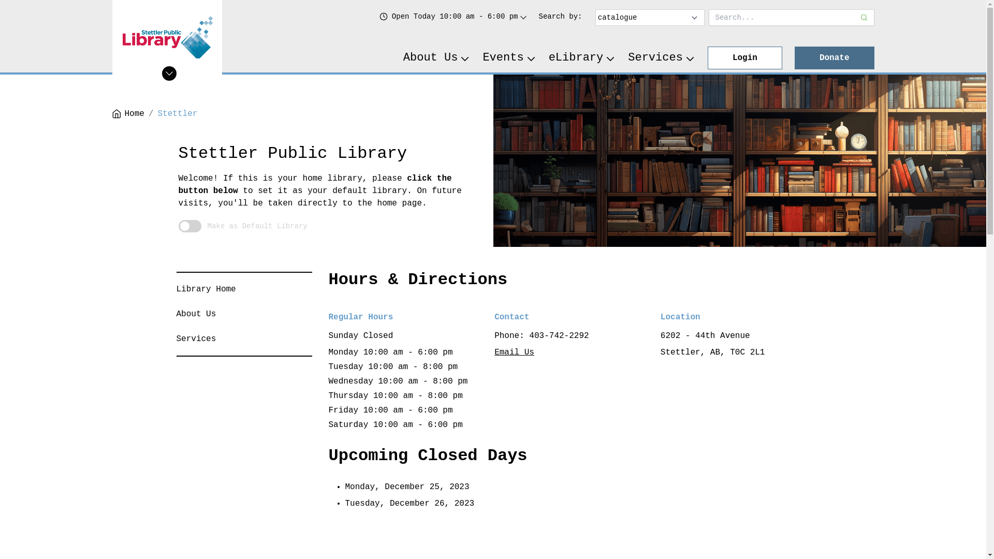  I want to click on 'eLibrary', so click(582, 57).